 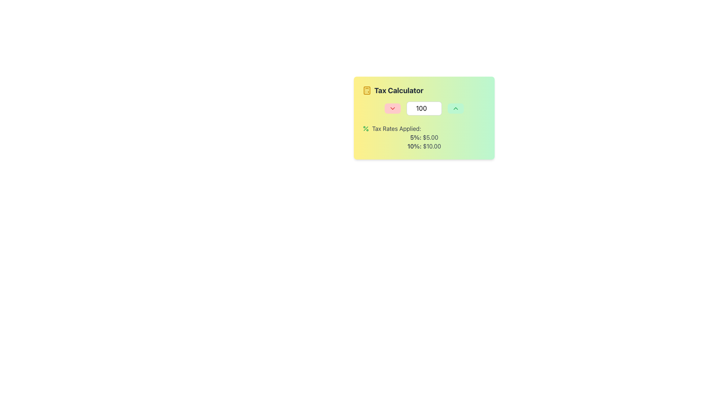 What do you see at coordinates (455, 109) in the screenshot?
I see `the button located on the far right of the group, which is used for increasing or altering the numerical value in the nearby input field` at bounding box center [455, 109].